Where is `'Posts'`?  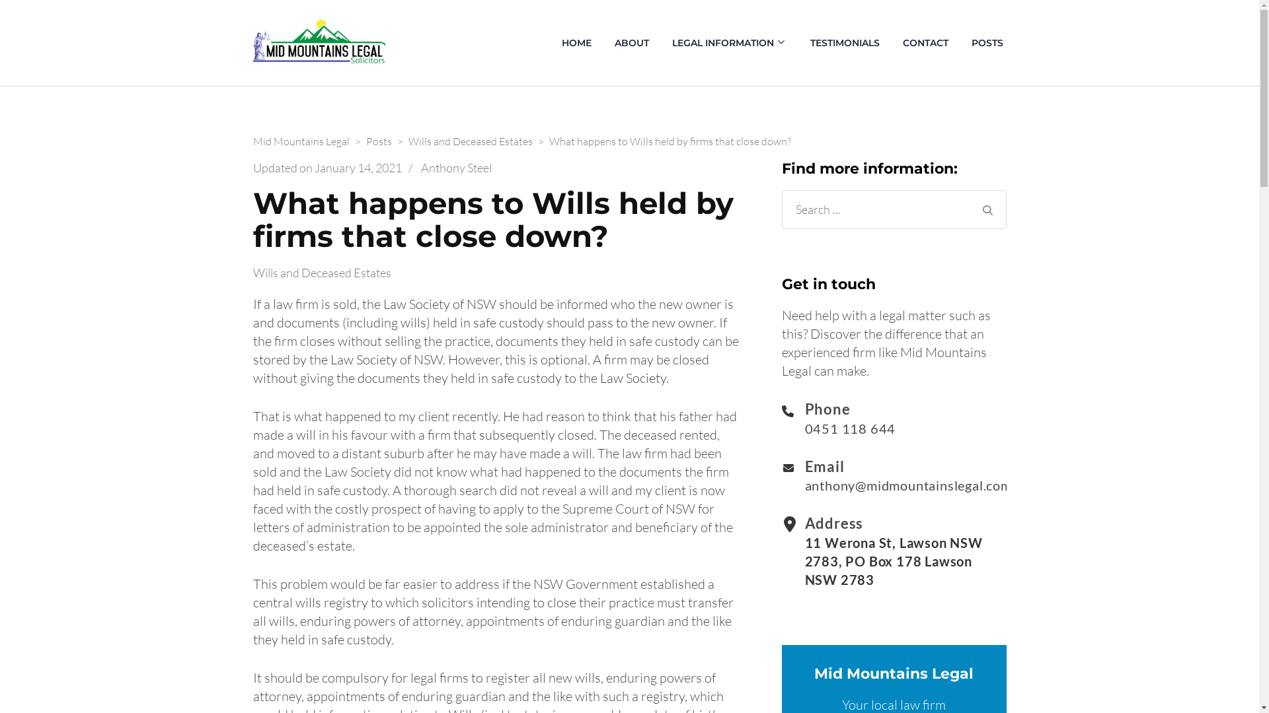 'Posts' is located at coordinates (378, 141).